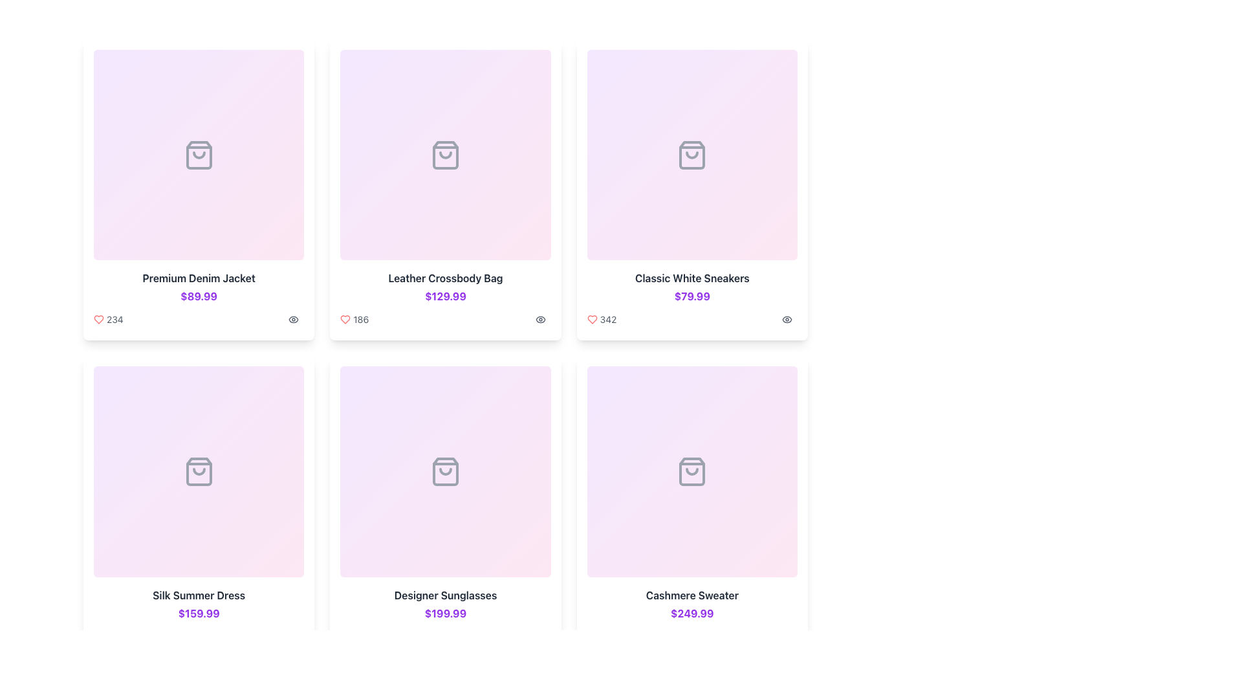 The image size is (1242, 699). I want to click on the Product Card titled 'Classic White Sneakers', so click(692, 190).